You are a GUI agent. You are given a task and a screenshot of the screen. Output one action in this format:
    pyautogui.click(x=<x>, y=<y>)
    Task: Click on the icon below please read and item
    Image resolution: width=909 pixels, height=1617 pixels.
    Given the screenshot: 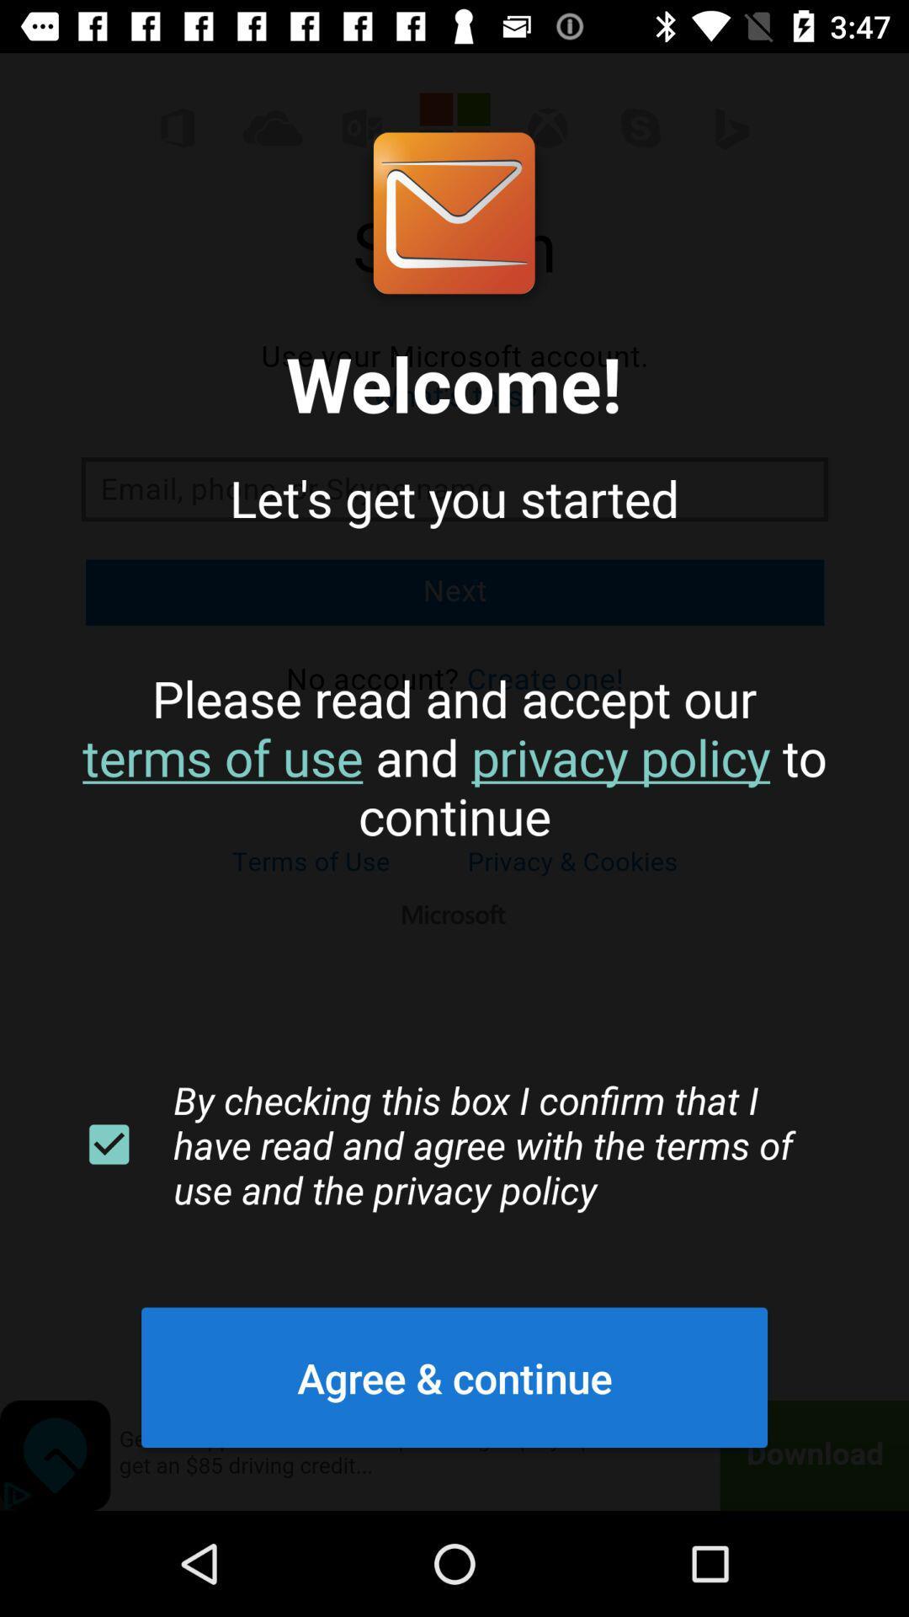 What is the action you would take?
    pyautogui.click(x=109, y=1145)
    